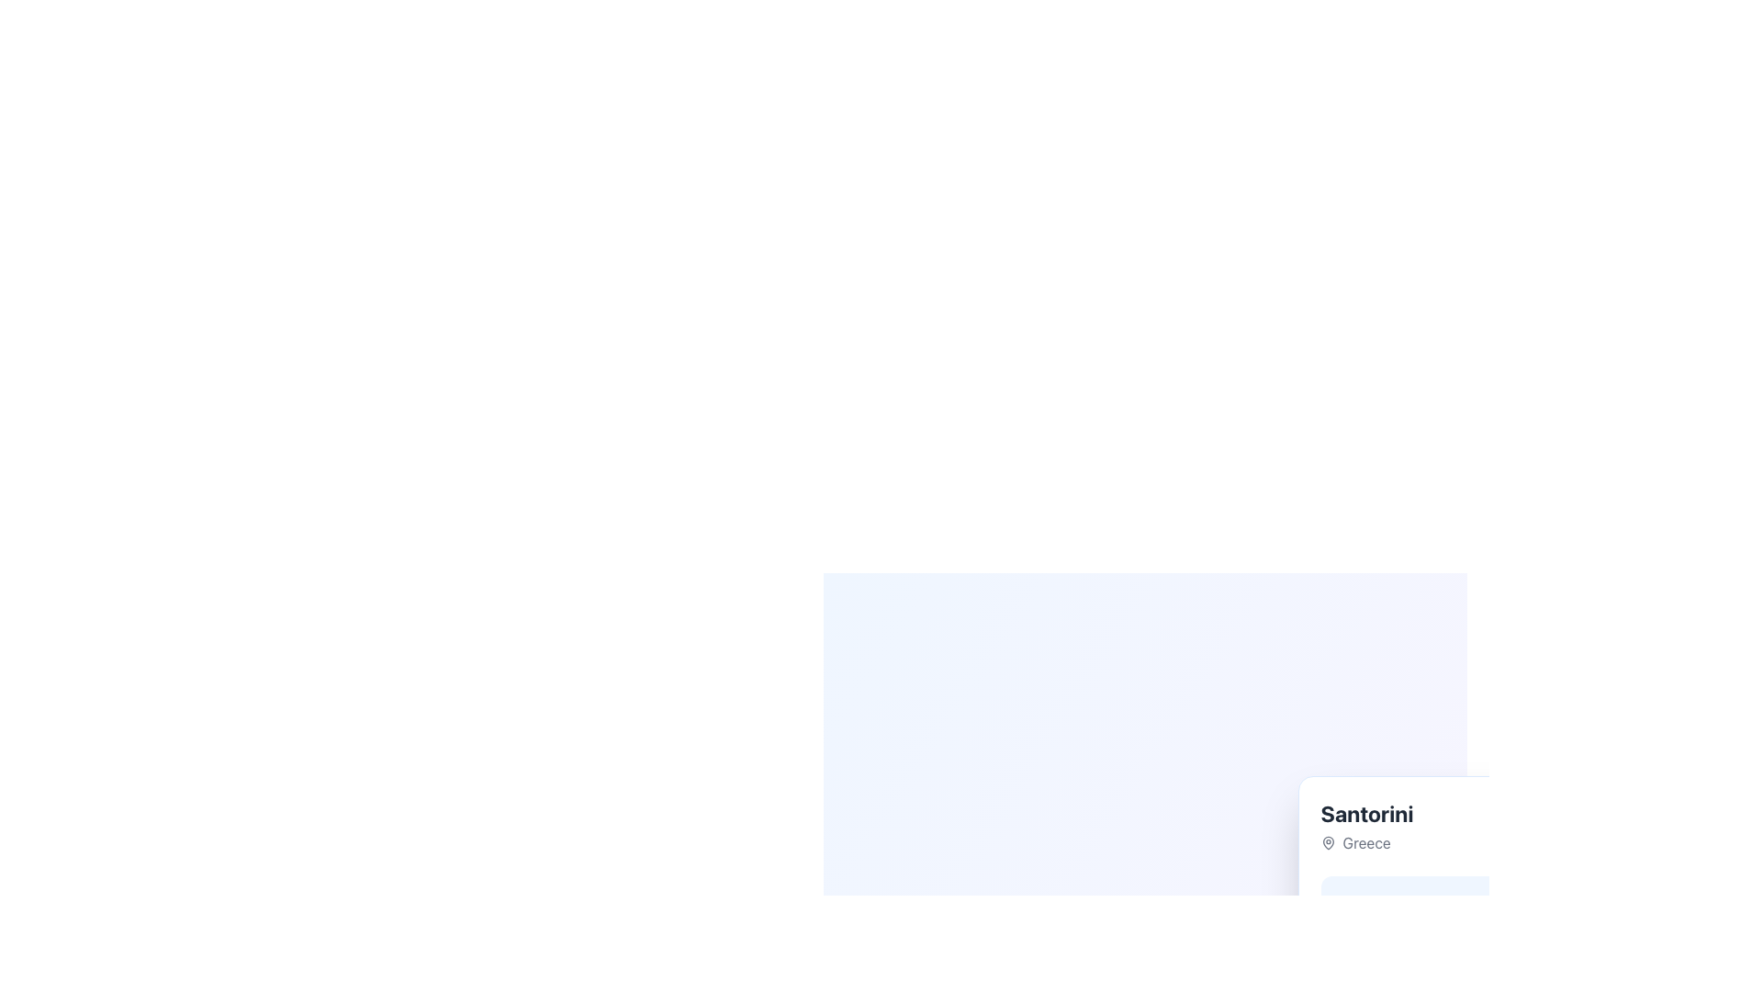 Image resolution: width=1763 pixels, height=992 pixels. I want to click on text 'Greece' from the Label with icon, which is styled in gray font and aligned with a map pin icon, so click(1366, 843).